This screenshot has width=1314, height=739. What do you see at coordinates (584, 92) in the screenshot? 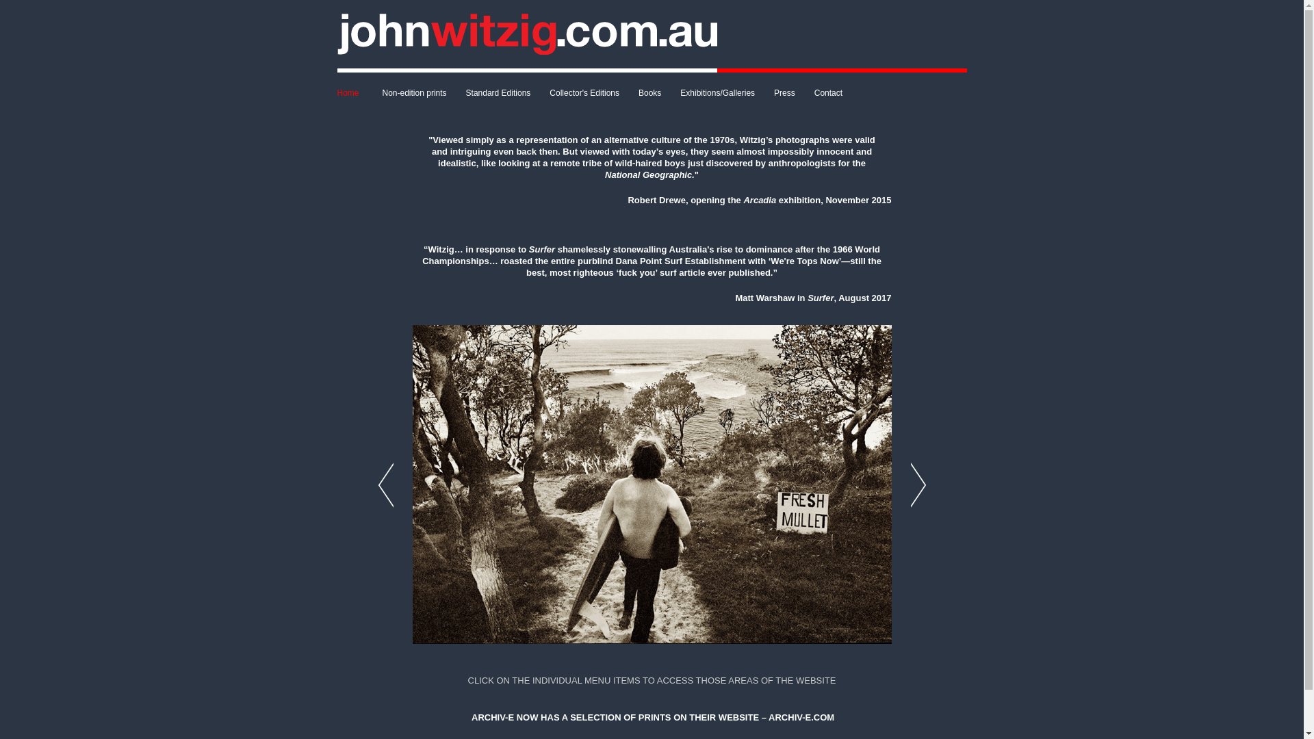
I see `'Collector's Editions'` at bounding box center [584, 92].